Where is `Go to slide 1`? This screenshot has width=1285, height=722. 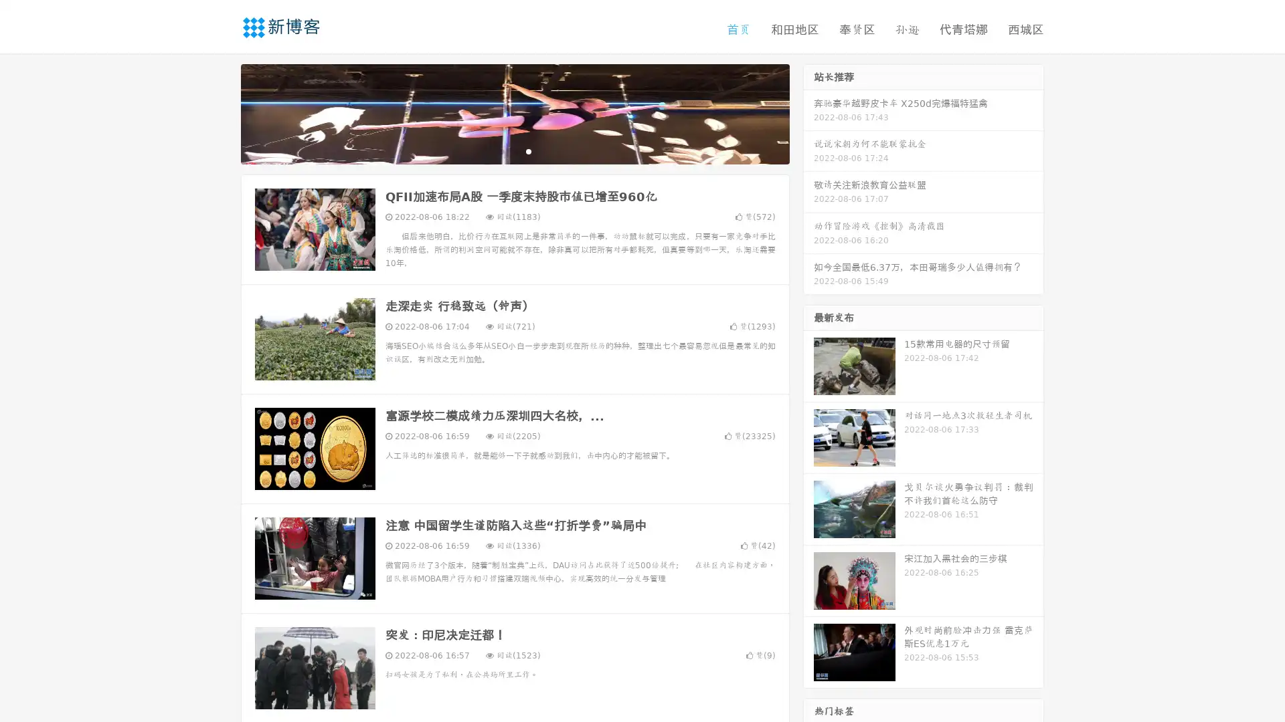
Go to slide 1 is located at coordinates (501, 150).